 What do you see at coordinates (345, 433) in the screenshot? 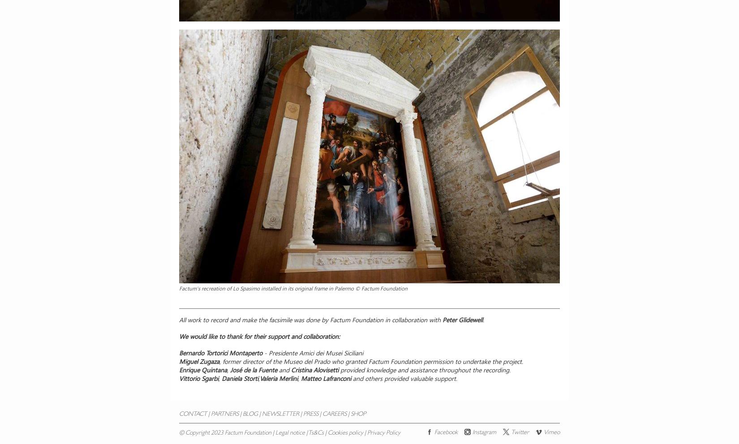
I see `'Cookies policy'` at bounding box center [345, 433].